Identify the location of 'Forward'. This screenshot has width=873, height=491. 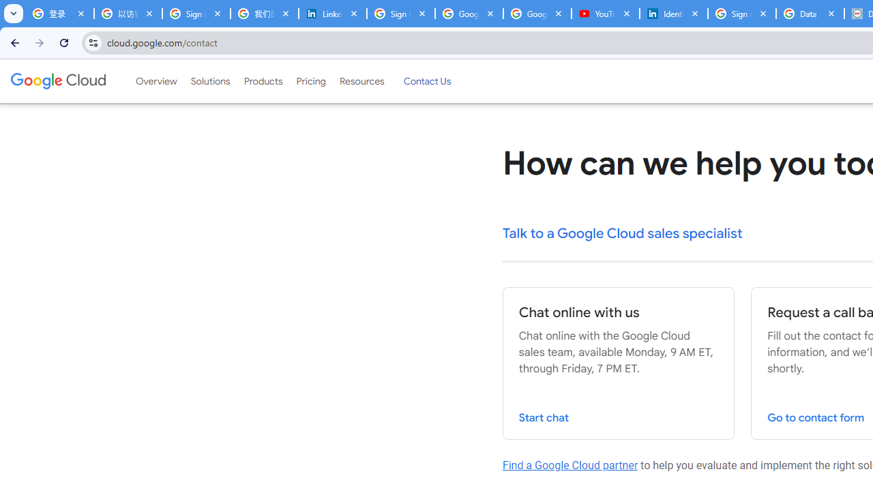
(40, 42).